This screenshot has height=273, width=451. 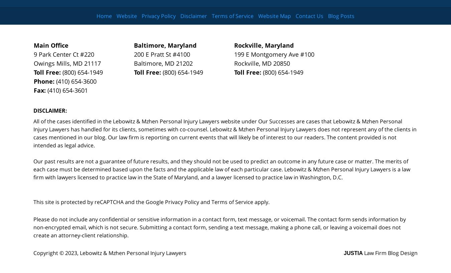 I want to click on '21202', so click(x=184, y=63).